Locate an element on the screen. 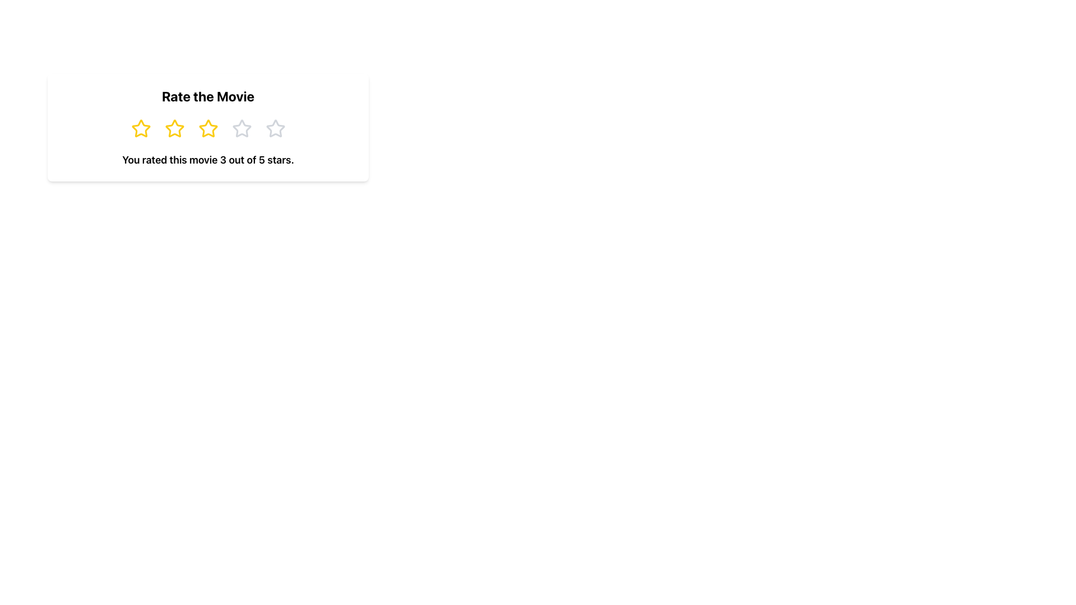 The image size is (1076, 605). the third star icon in the rating system is located at coordinates (208, 128).